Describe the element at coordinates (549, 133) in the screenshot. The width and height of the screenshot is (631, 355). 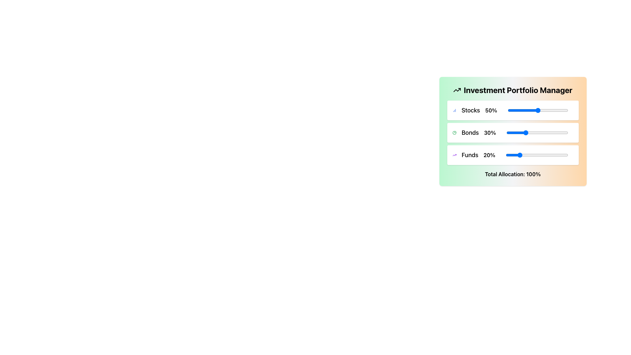
I see `the Bonds slider value` at that location.